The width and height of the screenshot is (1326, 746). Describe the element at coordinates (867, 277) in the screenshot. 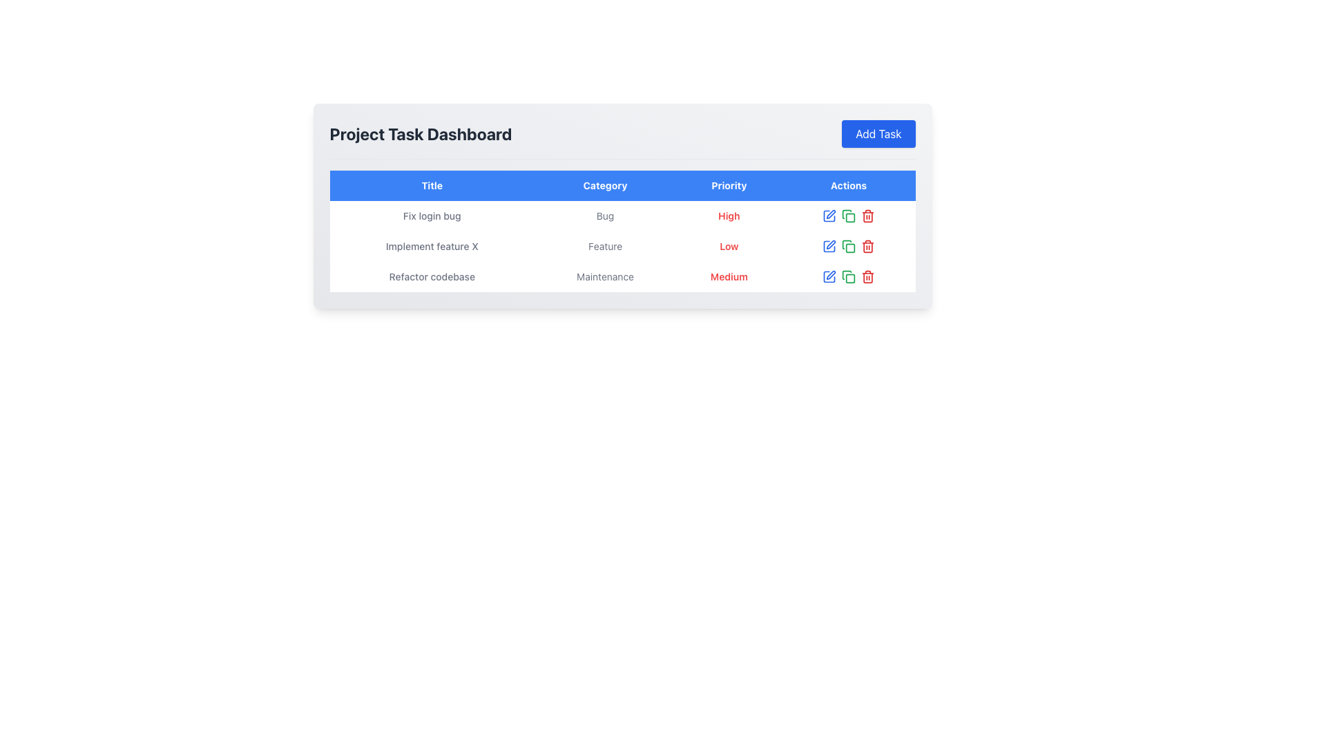

I see `the red trashcan icon button in the 'Actions' column of the table row for the 'Maintenance' category and 'Medium' priority` at that location.